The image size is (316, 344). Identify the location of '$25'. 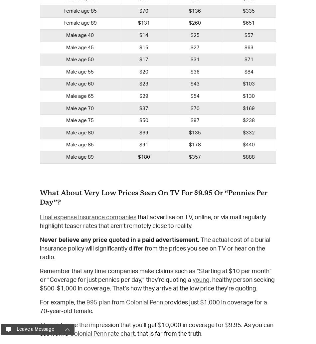
(195, 35).